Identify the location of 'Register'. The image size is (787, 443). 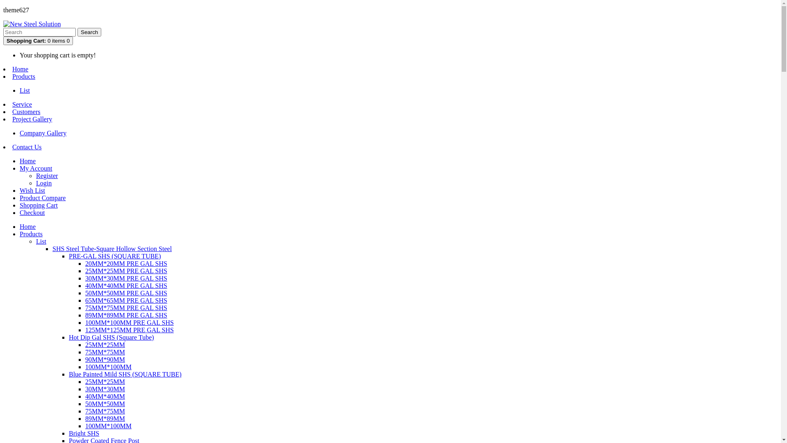
(46, 175).